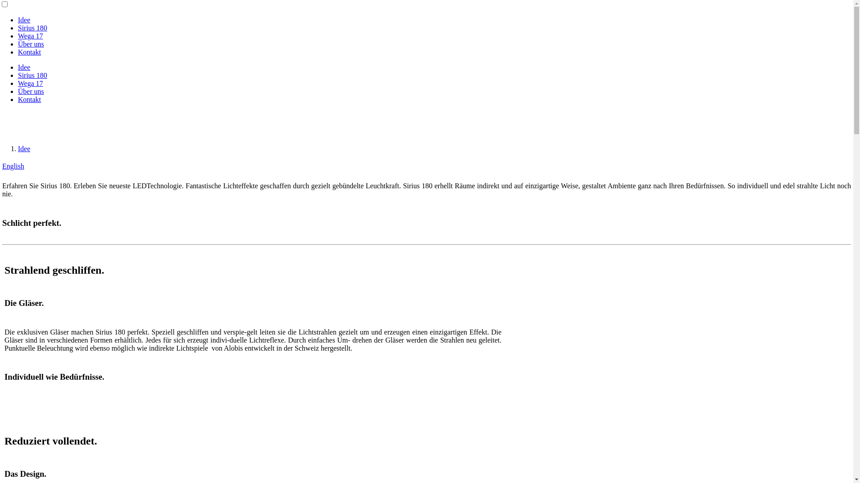 This screenshot has height=483, width=860. What do you see at coordinates (30, 52) in the screenshot?
I see `'Kontakt'` at bounding box center [30, 52].